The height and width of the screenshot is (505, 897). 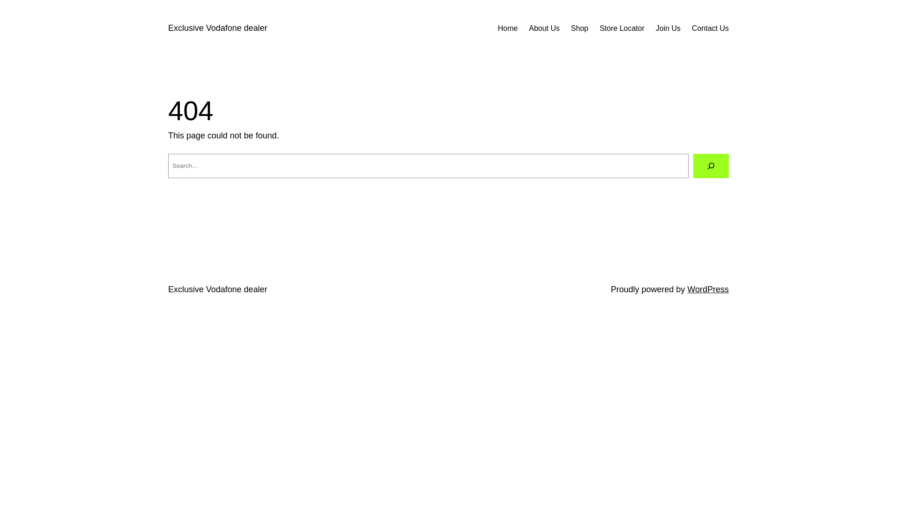 I want to click on 'Shop', so click(x=579, y=28).